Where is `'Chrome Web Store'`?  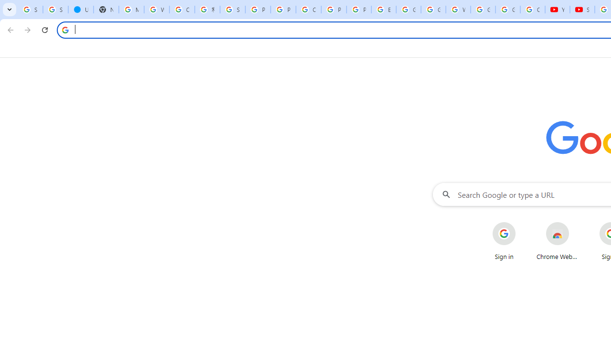
'Chrome Web Store' is located at coordinates (558, 241).